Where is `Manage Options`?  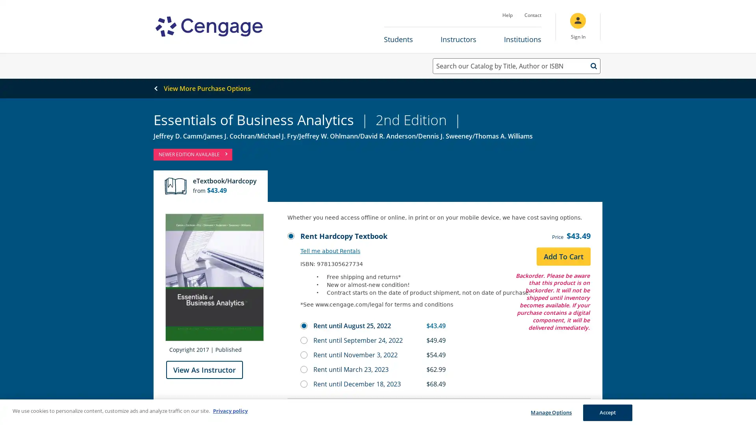 Manage Options is located at coordinates (550, 412).